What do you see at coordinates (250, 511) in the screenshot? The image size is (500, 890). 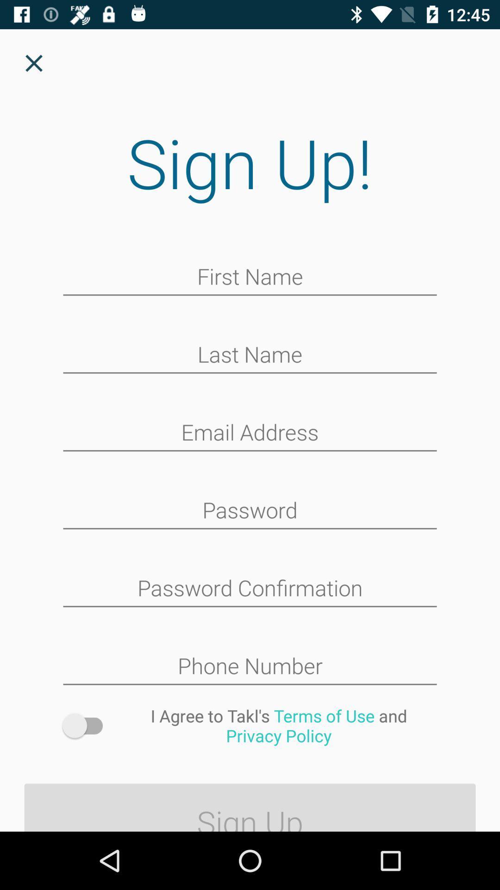 I see `protection` at bounding box center [250, 511].